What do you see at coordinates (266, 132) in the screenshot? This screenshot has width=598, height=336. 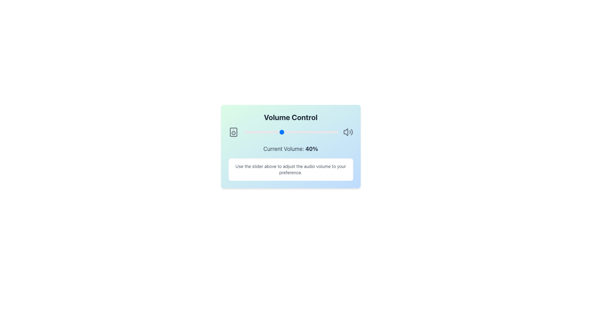 I see `the volume level` at bounding box center [266, 132].